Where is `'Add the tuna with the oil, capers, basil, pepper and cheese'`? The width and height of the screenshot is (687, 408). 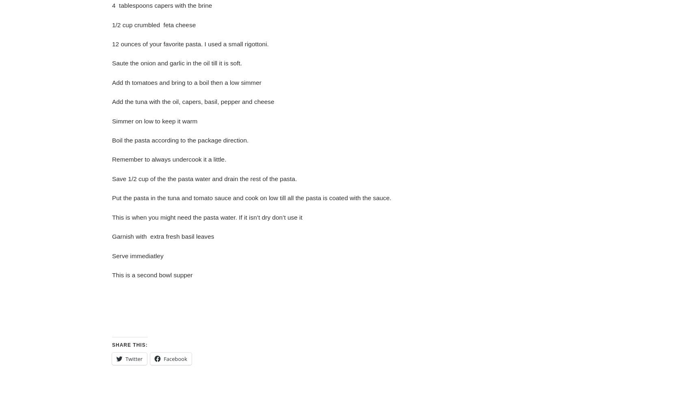 'Add the tuna with the oil, capers, basil, pepper and cheese' is located at coordinates (192, 101).